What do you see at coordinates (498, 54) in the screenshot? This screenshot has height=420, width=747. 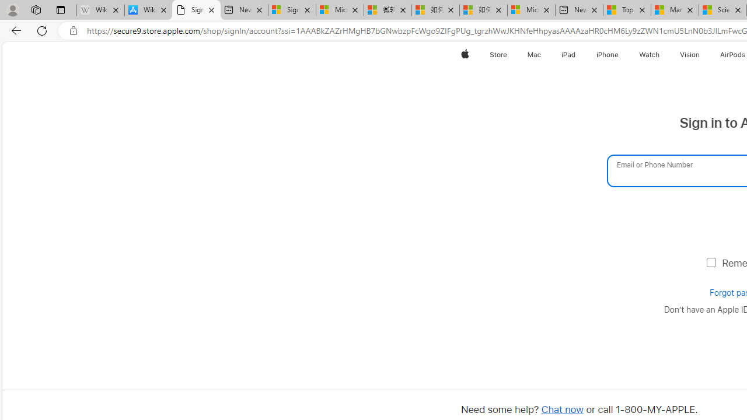 I see `'Store'` at bounding box center [498, 54].